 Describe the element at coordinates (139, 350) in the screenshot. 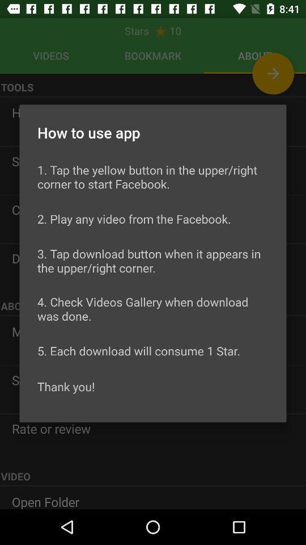

I see `5 each download` at that location.